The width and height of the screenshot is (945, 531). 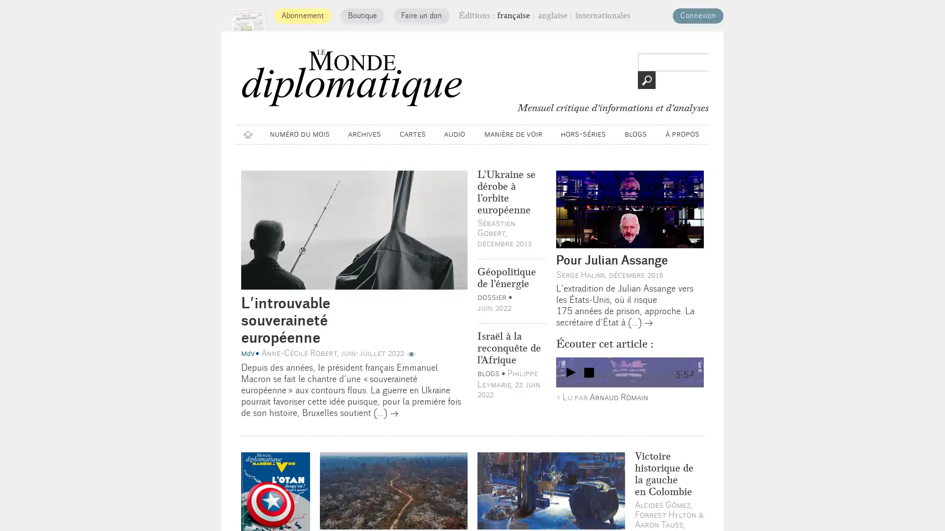 I want to click on play, so click(x=571, y=372).